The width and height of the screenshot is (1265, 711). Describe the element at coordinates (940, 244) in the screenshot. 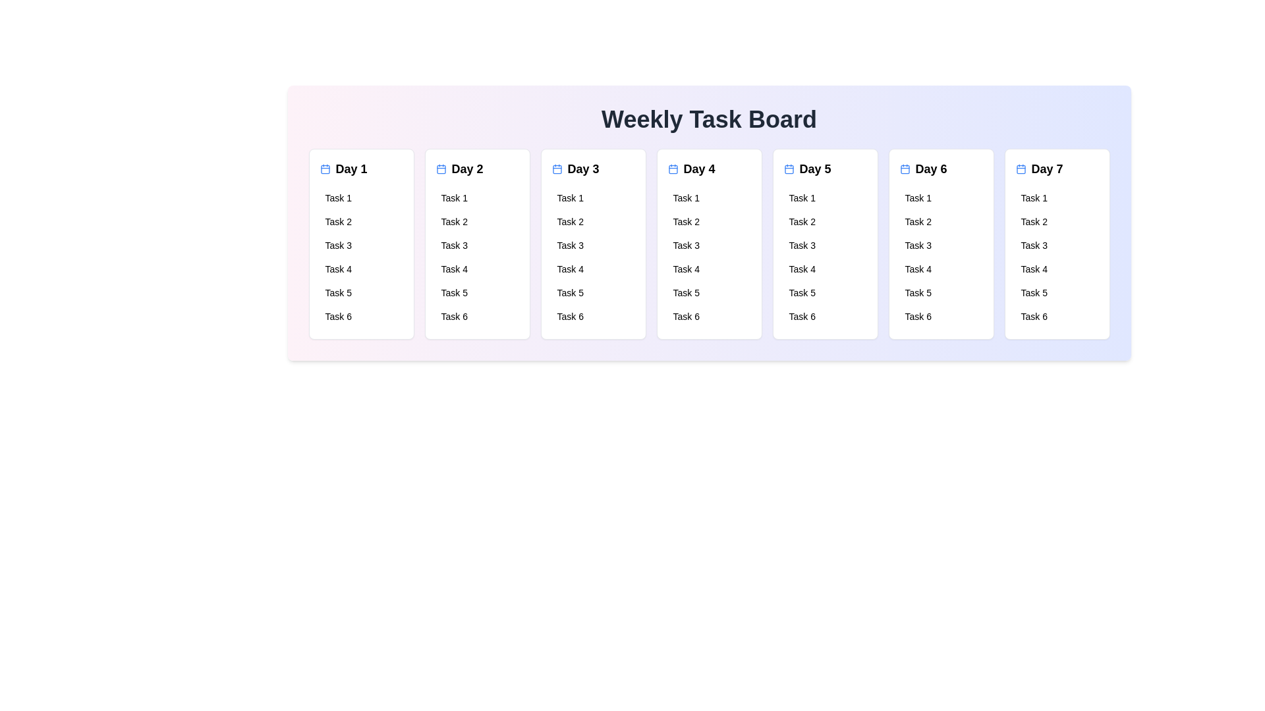

I see `the tasks for Day 6 by interacting with the corresponding day card` at that location.